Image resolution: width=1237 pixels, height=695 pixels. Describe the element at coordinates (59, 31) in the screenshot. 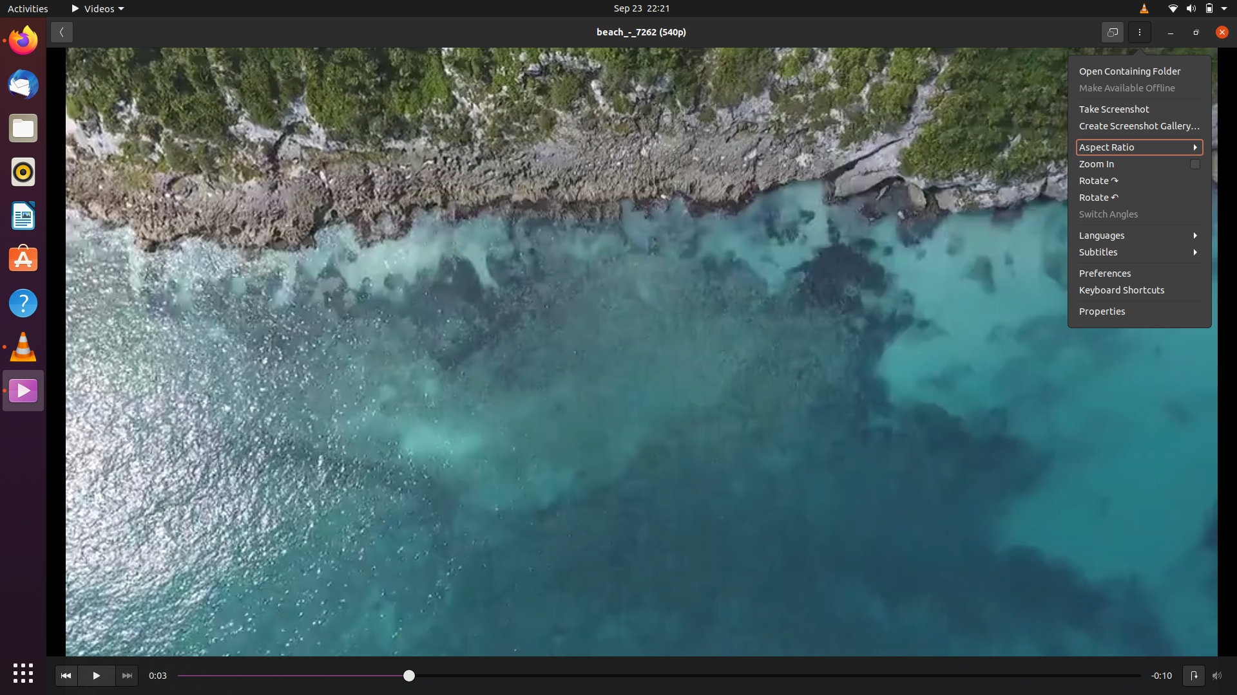

I see `the preceding page in the video settings` at that location.